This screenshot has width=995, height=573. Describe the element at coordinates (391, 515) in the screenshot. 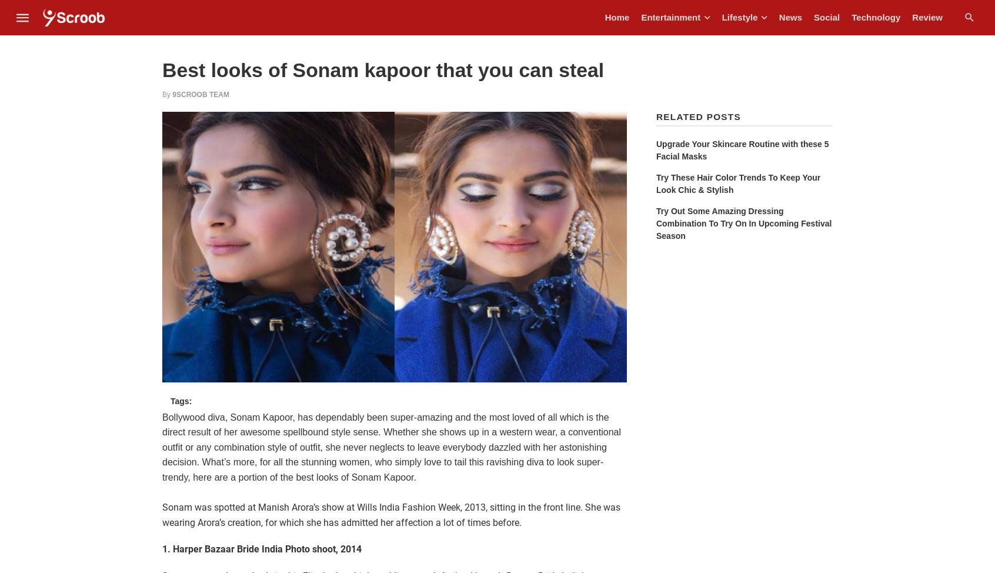

I see `'Sonam was spotted at Manish Arora’s show at Wills India Fashion Week, 2013, sitting in the front line. She was wearing Arora’s creation, for which she has admitted her affection a lot of times before.'` at that location.